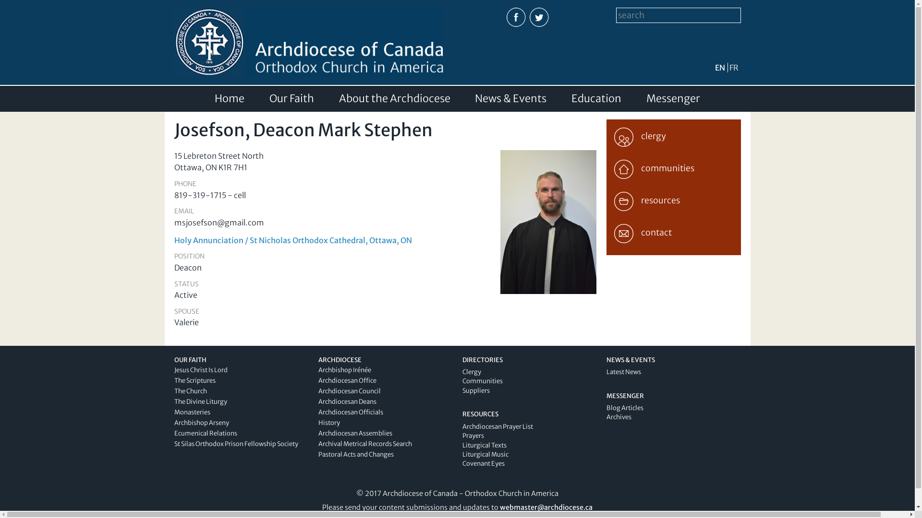  What do you see at coordinates (672, 98) in the screenshot?
I see `'Messenger'` at bounding box center [672, 98].